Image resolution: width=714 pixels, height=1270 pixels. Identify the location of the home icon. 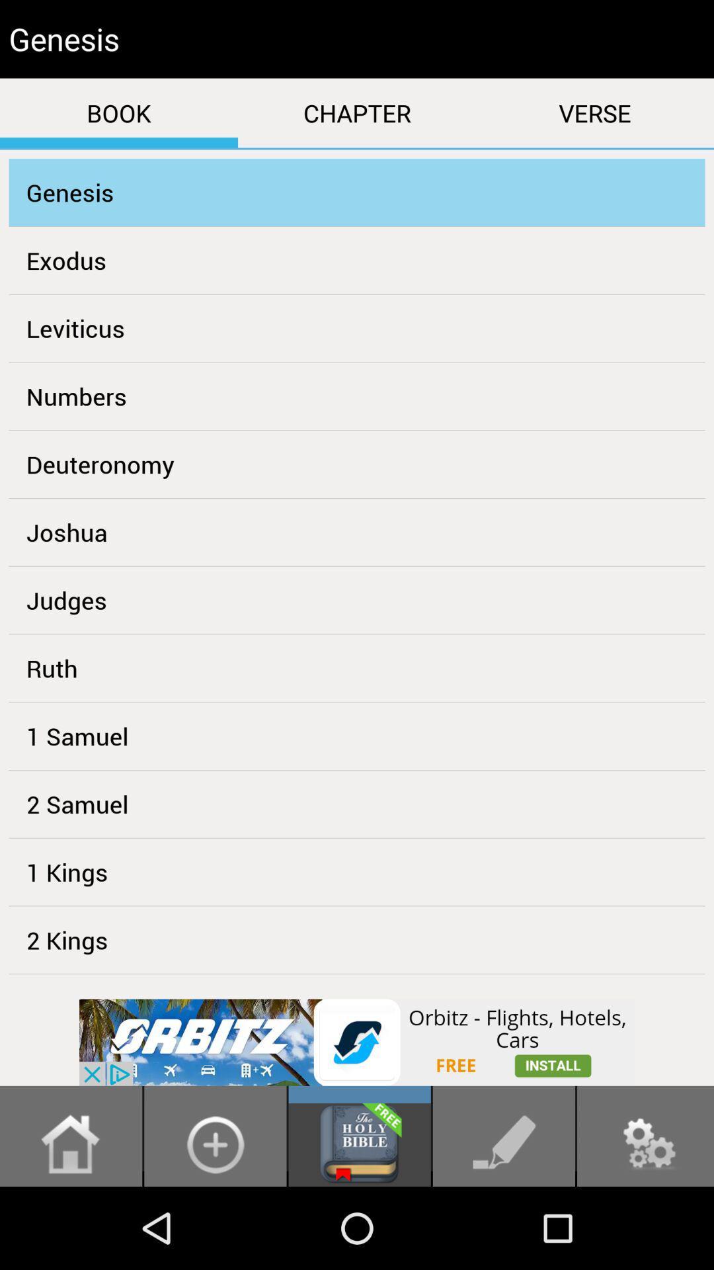
(71, 1224).